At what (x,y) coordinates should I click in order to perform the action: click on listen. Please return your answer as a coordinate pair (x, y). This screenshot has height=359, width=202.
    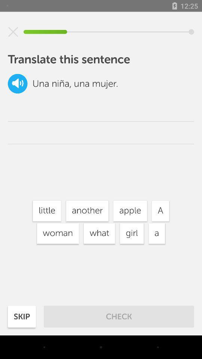
    Looking at the image, I should click on (18, 83).